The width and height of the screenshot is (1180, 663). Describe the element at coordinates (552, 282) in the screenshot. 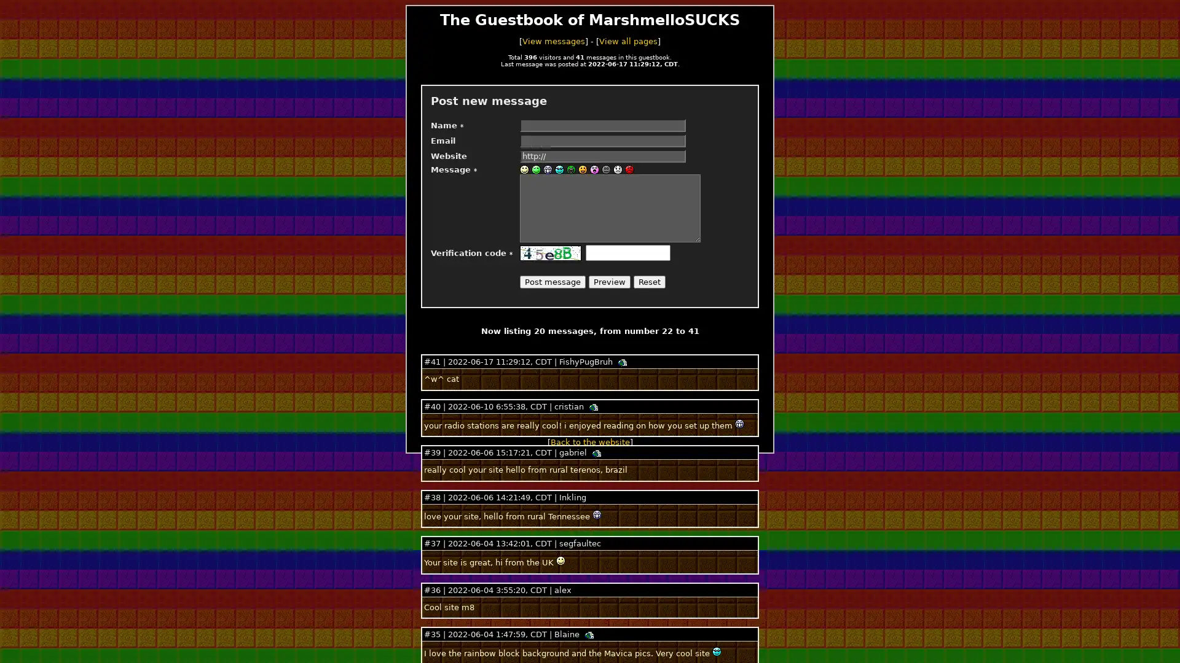

I see `Post message` at that location.